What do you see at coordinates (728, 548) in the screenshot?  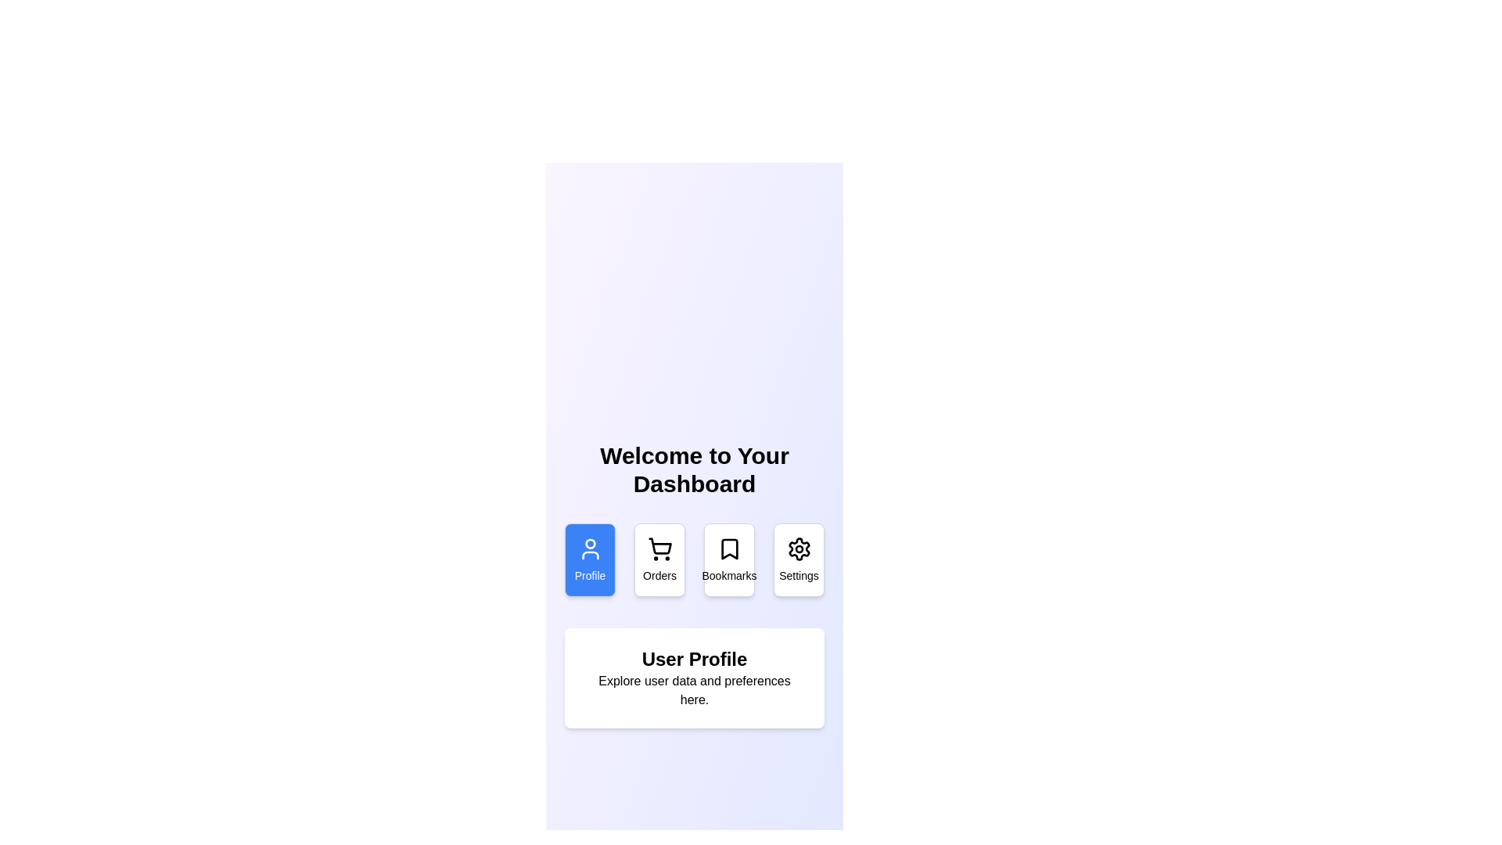 I see `the SVG bookmark icon, which is visually centered above the 'Bookmarks' text and located between the 'Orders' and 'Settings' buttons` at bounding box center [728, 548].